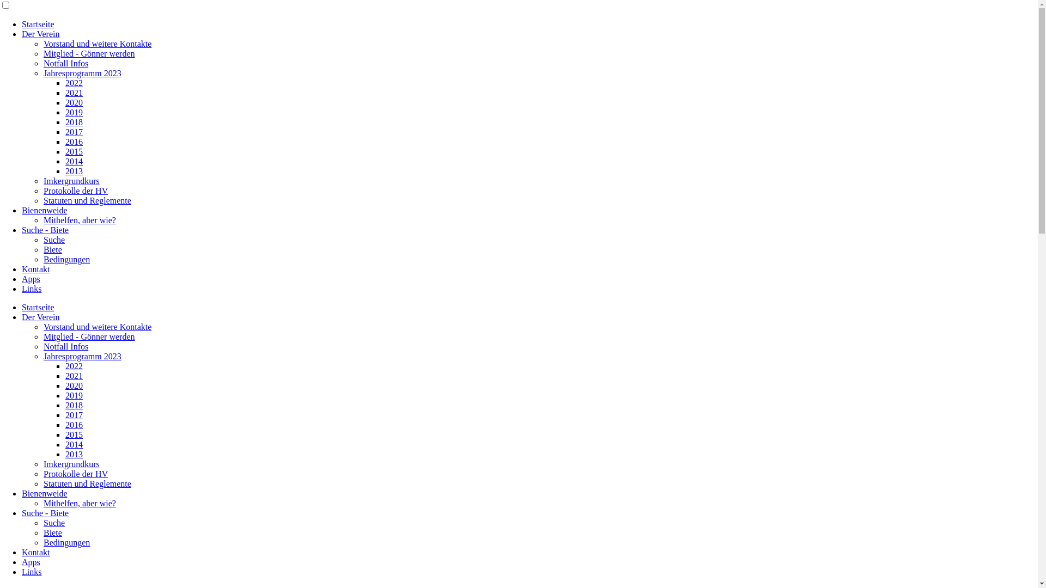  I want to click on '2019', so click(73, 112).